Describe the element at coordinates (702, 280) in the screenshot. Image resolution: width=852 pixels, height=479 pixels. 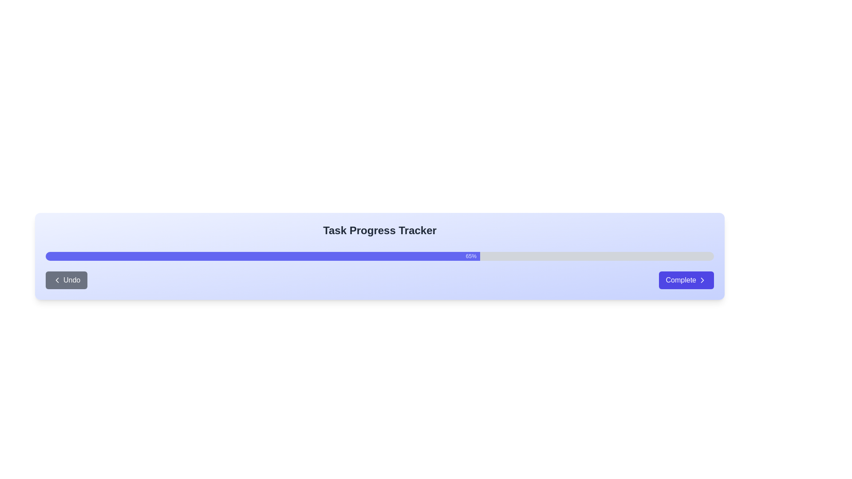
I see `the chevron icon that indicates a forward action, which is centered within the right-arrow icon of the 'Complete' button located at the bottom right of the interface` at that location.